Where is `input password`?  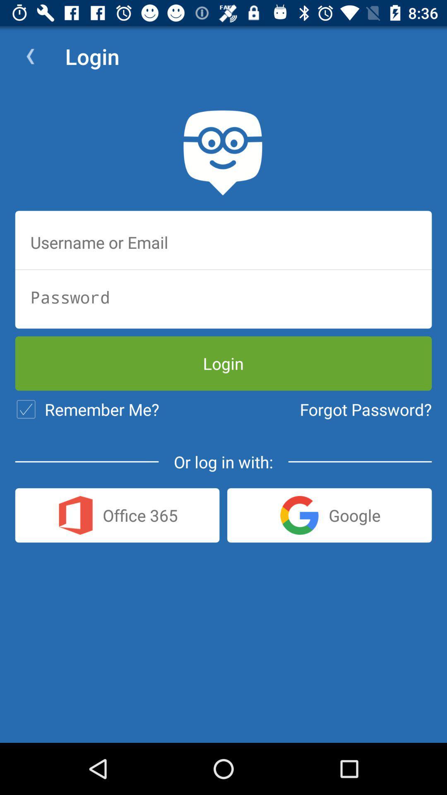
input password is located at coordinates (223, 297).